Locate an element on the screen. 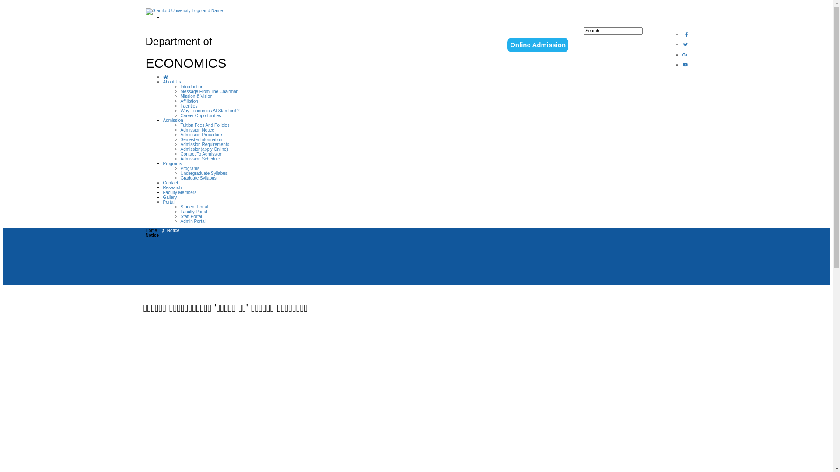 The image size is (840, 472). 'Mission & Vision' is located at coordinates (196, 96).